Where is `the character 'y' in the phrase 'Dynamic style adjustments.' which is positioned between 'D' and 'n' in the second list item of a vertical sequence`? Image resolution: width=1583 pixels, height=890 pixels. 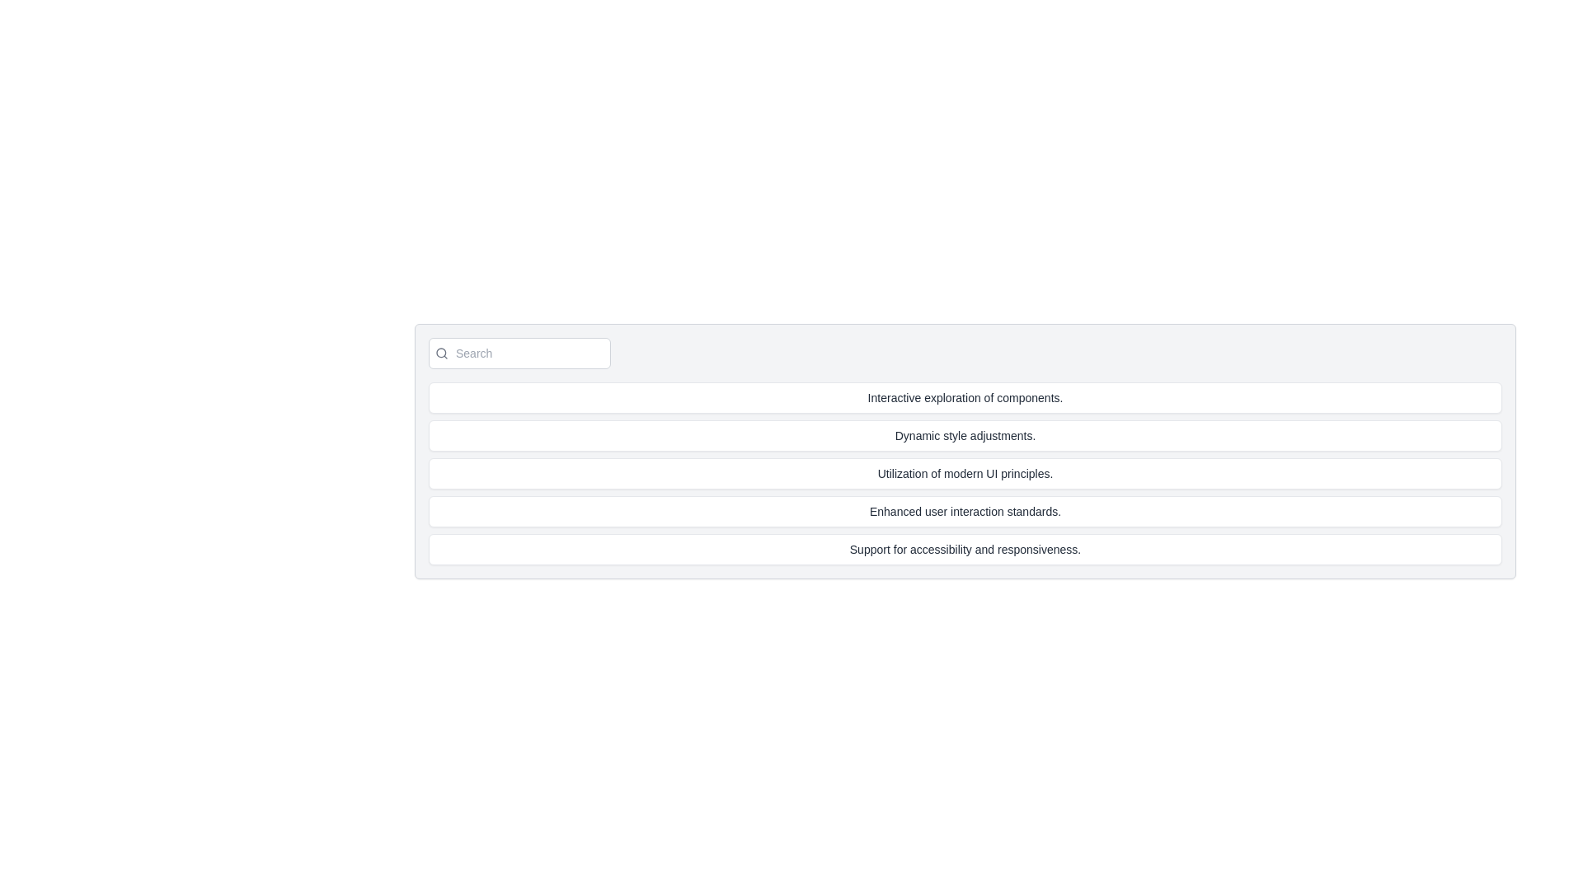
the character 'y' in the phrase 'Dynamic style adjustments.' which is positioned between 'D' and 'n' in the second list item of a vertical sequence is located at coordinates (905, 434).